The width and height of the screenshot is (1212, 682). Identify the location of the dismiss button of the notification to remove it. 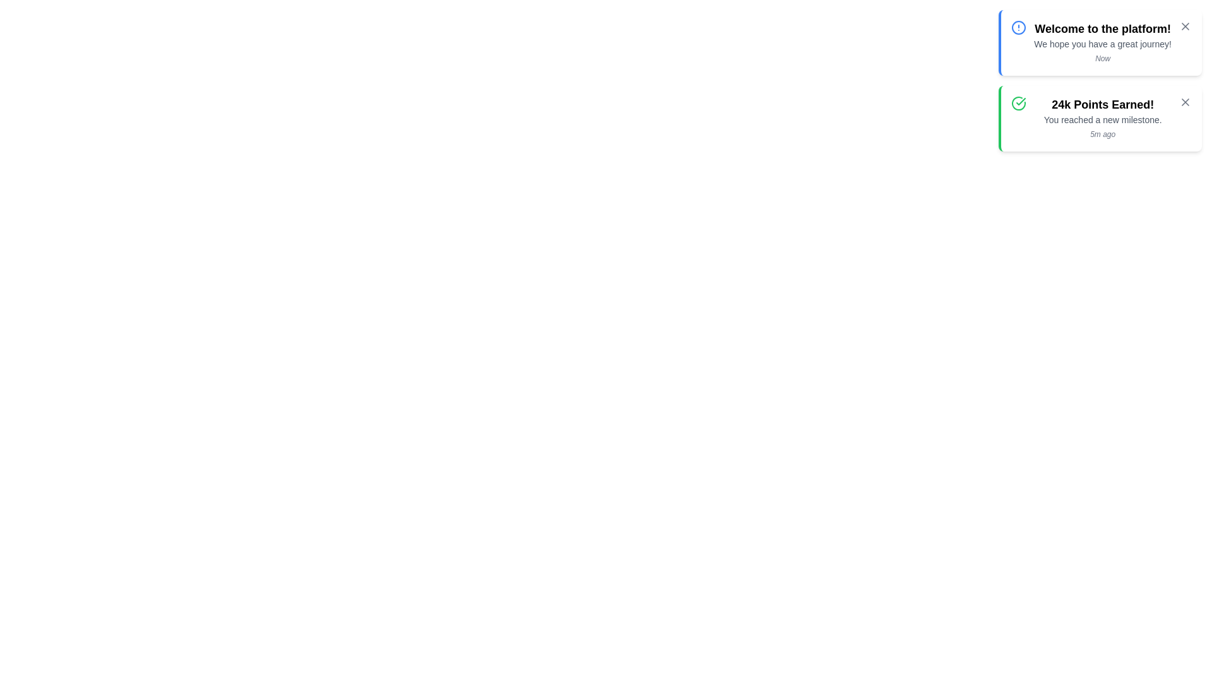
(1184, 27).